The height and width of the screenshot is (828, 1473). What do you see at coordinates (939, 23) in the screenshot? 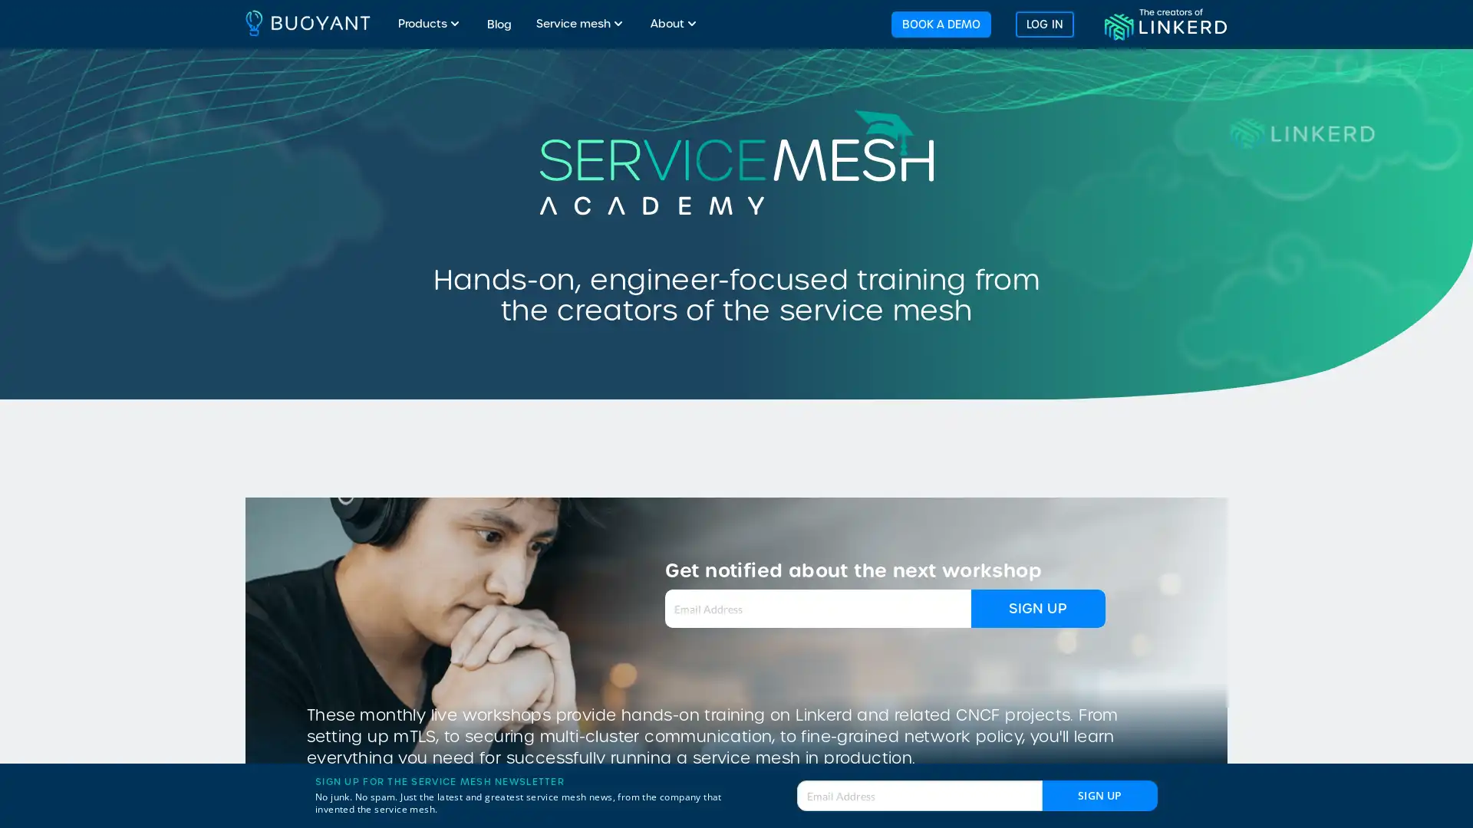
I see `BOOK A DEMO` at bounding box center [939, 23].